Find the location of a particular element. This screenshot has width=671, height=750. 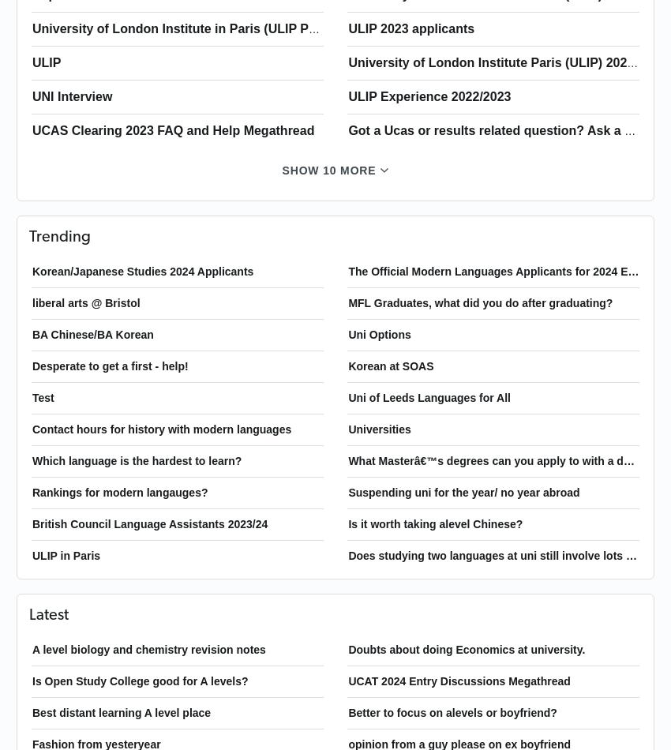

'liberal arts @ Bristol' is located at coordinates (84, 302).